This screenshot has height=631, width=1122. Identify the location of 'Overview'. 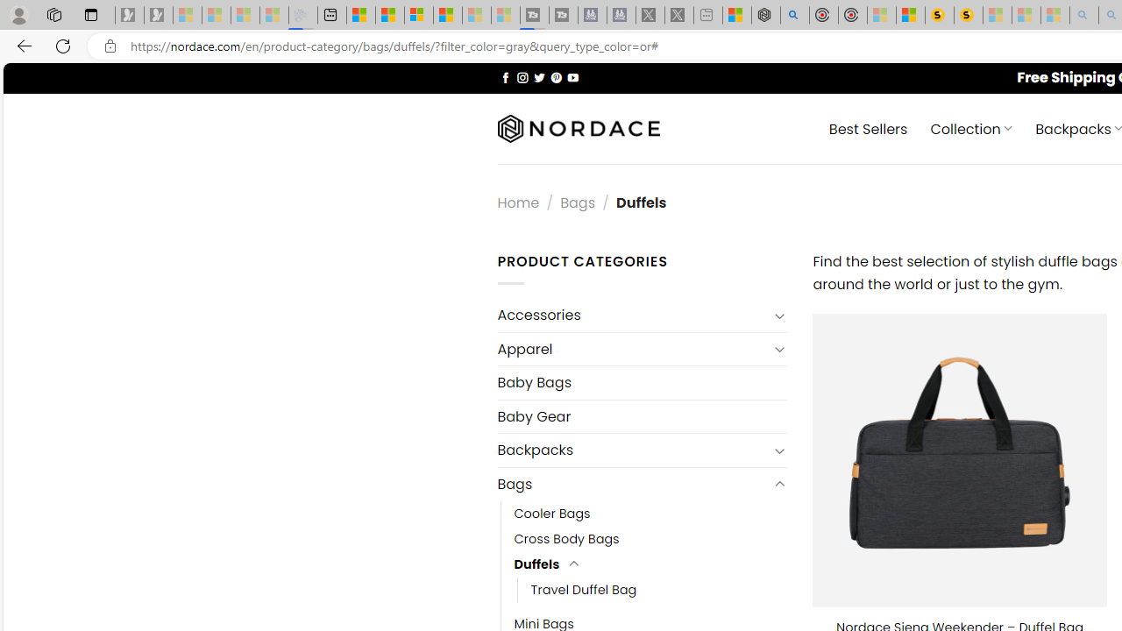
(418, 15).